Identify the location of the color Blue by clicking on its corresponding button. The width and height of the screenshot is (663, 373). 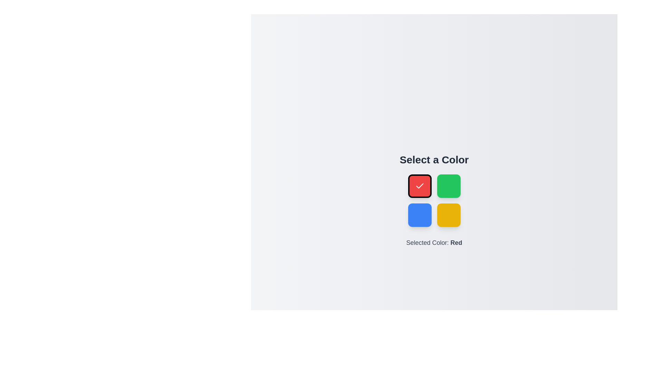
(419, 215).